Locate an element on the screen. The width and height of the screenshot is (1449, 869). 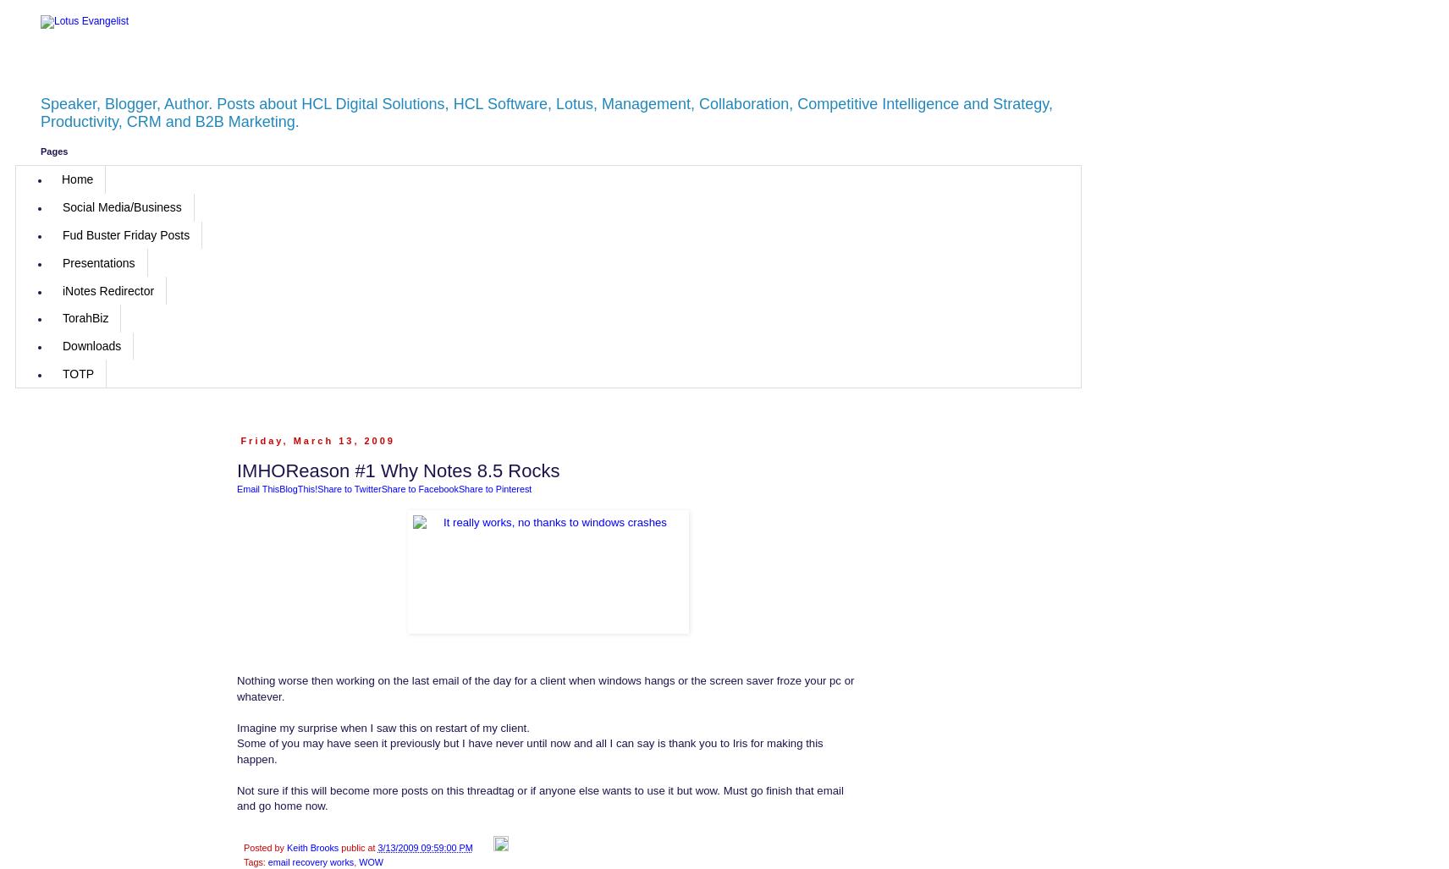
'Share to Twitter' is located at coordinates (349, 487).